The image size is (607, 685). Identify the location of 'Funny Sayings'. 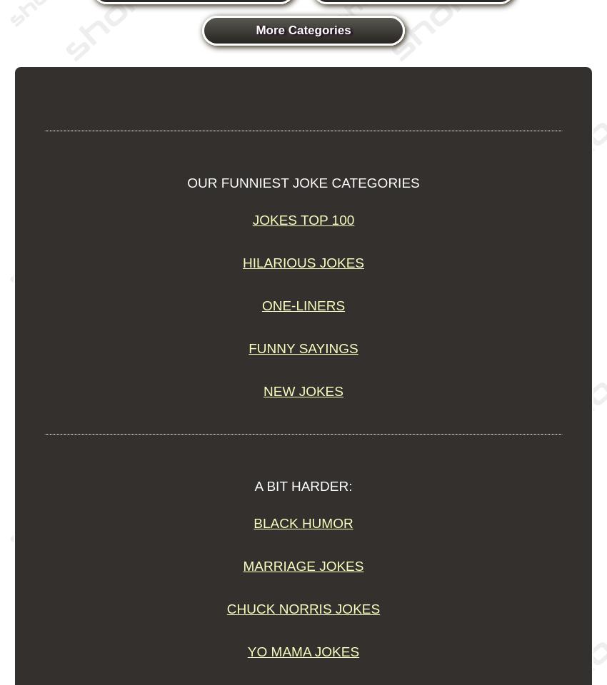
(247, 347).